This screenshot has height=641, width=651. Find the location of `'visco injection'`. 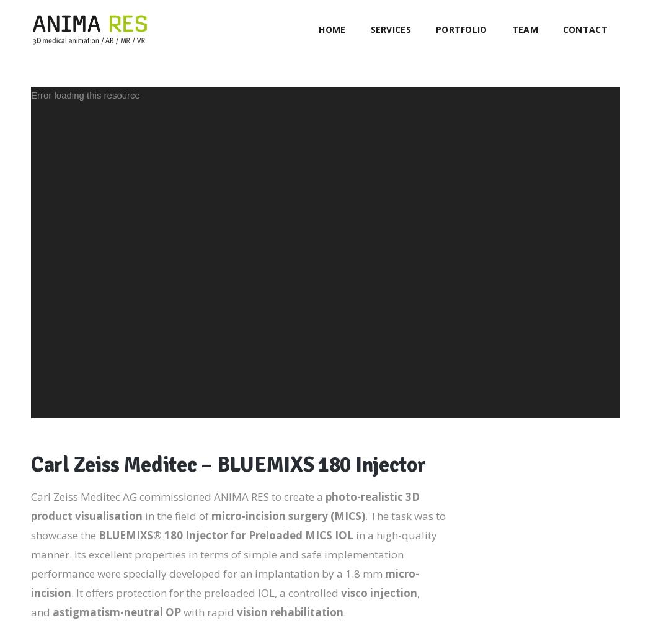

'visco injection' is located at coordinates (379, 592).